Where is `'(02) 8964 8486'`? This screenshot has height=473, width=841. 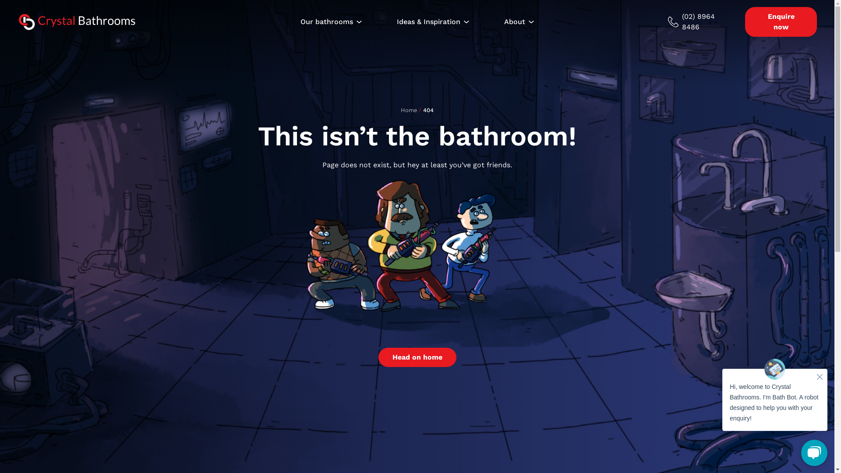 '(02) 8964 8486' is located at coordinates (701, 21).